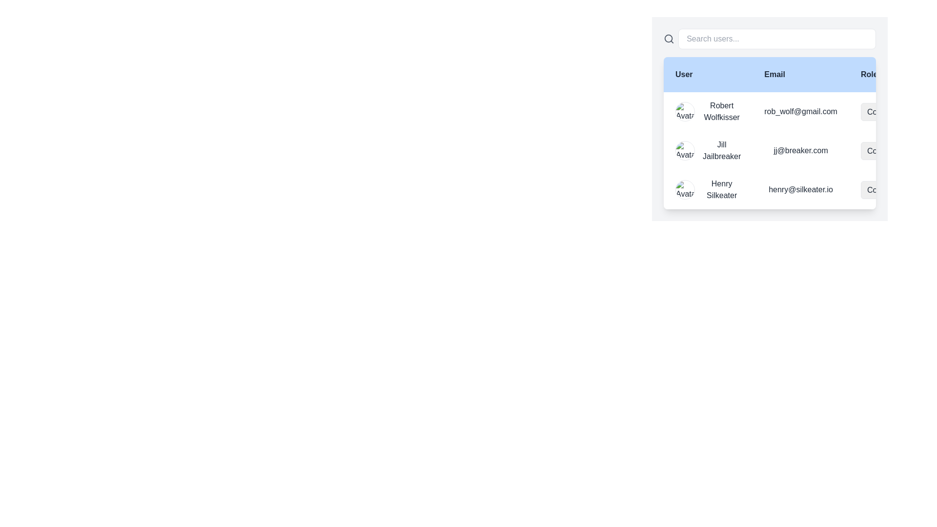  Describe the element at coordinates (722, 190) in the screenshot. I see `the user name text label located` at that location.